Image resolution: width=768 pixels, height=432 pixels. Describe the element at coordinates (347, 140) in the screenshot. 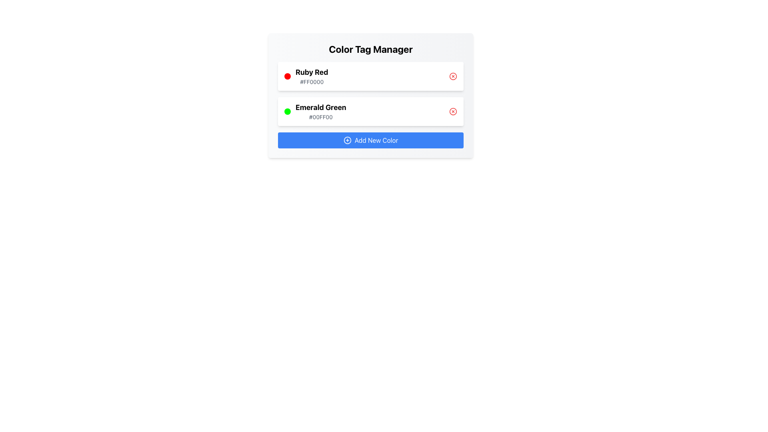

I see `the circular icon with a plus sign at its center, which symbolizes add functionality, located within the 'Add New Color' button` at that location.